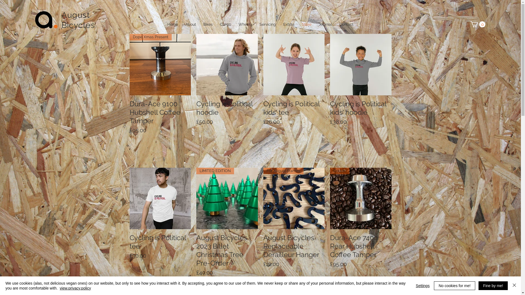 This screenshot has height=295, width=525. What do you see at coordinates (245, 24) in the screenshot?
I see `'Wheels'` at bounding box center [245, 24].